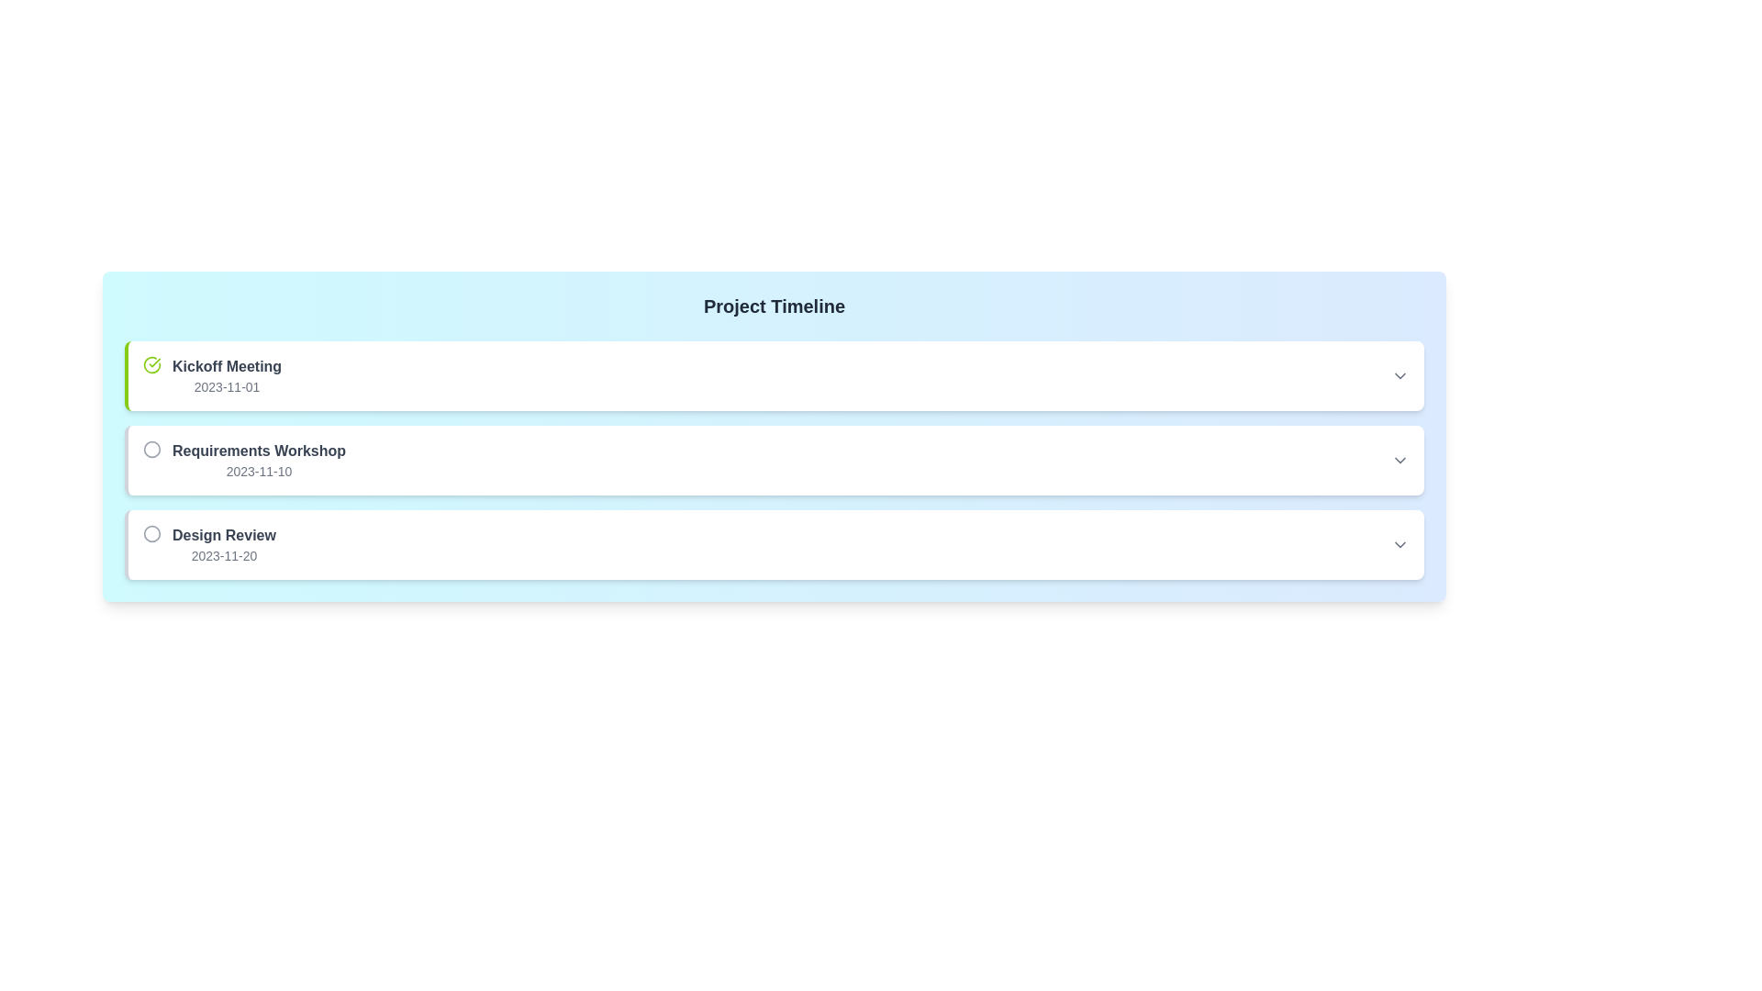  Describe the element at coordinates (226, 385) in the screenshot. I see `the static text displaying the date '2023-11-01', which is positioned below the 'Kickoff Meeting' title in gray color` at that location.